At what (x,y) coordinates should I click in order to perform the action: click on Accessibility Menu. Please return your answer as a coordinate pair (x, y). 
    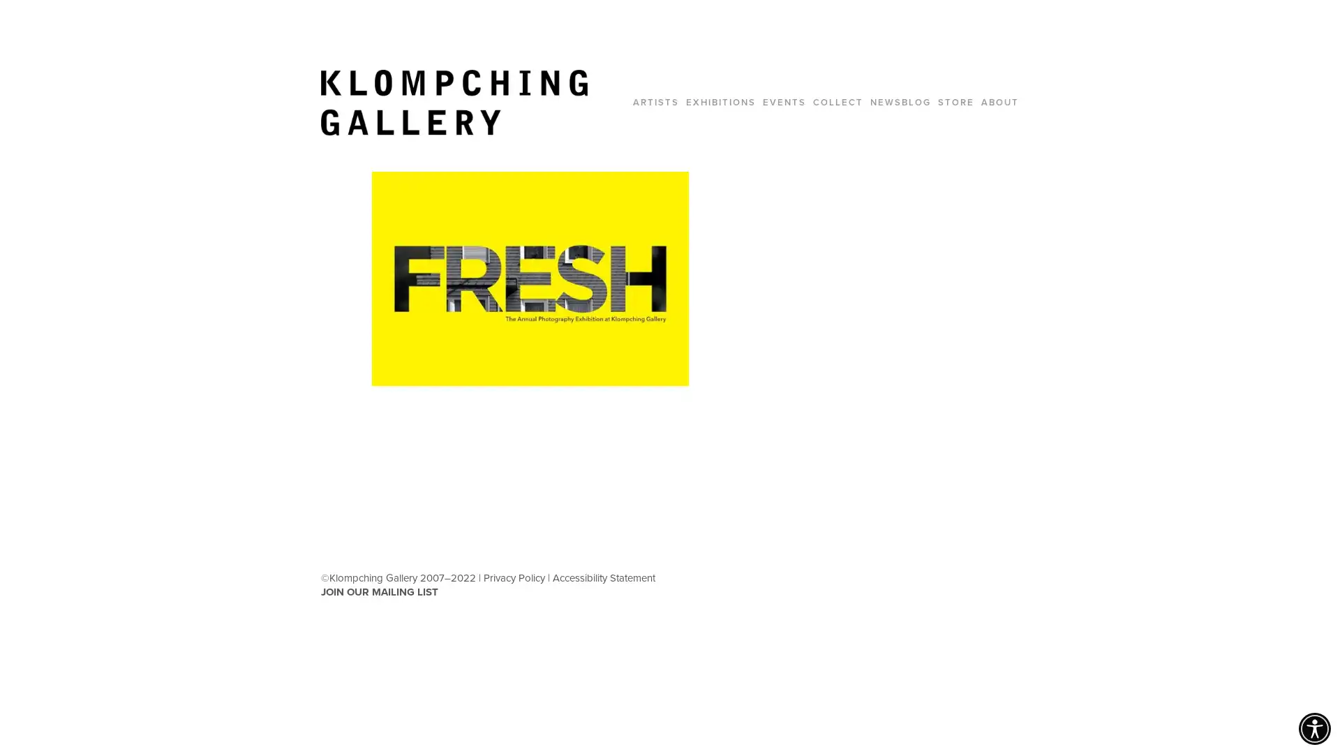
    Looking at the image, I should click on (1313, 728).